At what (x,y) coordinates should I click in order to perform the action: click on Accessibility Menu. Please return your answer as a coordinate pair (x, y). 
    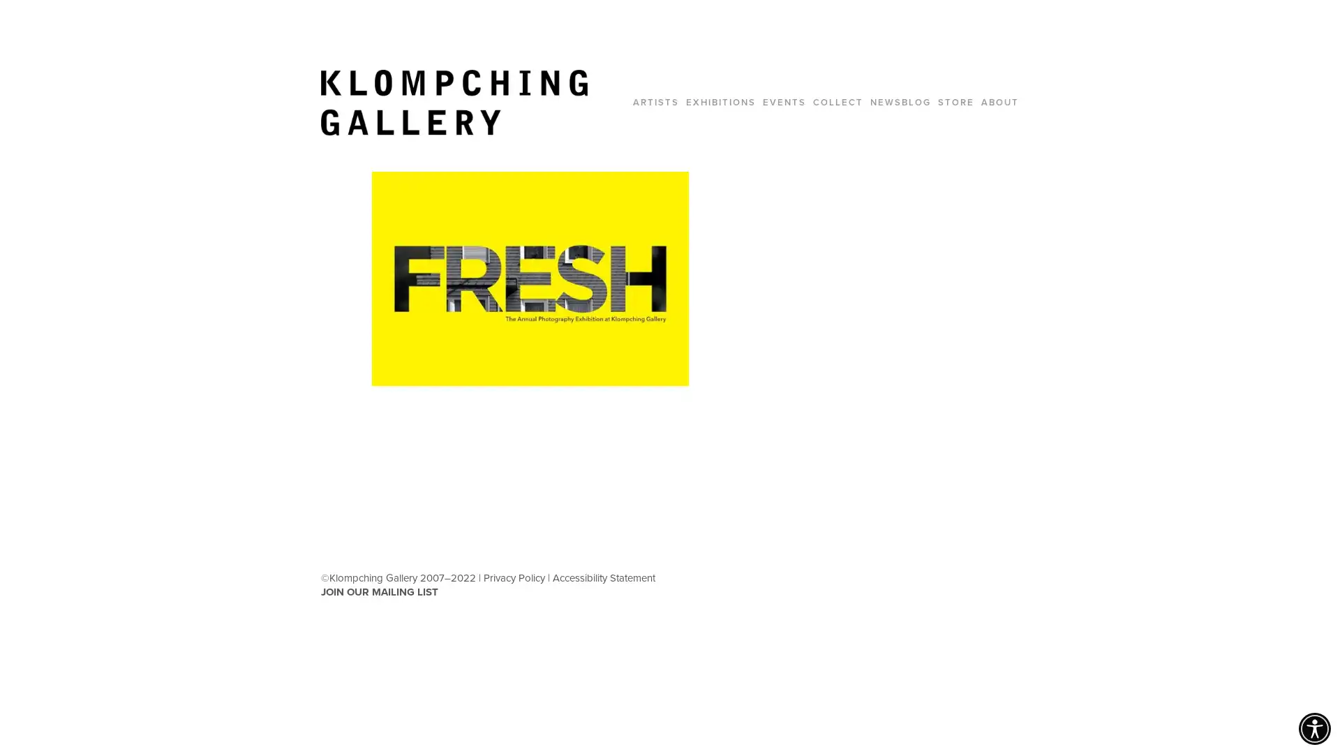
    Looking at the image, I should click on (1313, 728).